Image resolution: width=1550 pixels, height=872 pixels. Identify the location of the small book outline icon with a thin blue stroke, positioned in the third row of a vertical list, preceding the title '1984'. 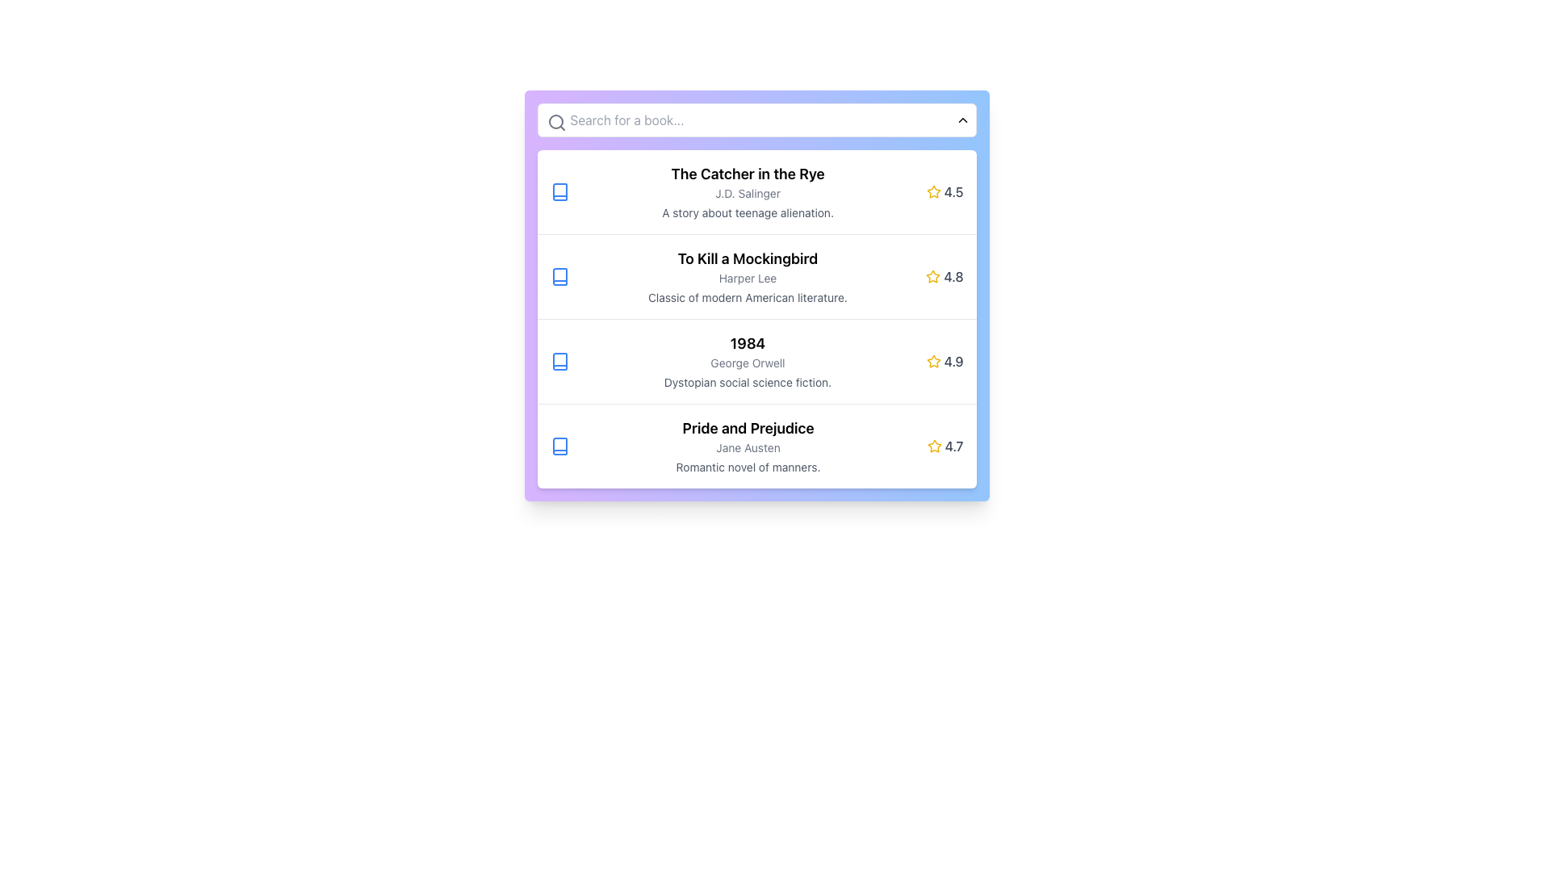
(559, 360).